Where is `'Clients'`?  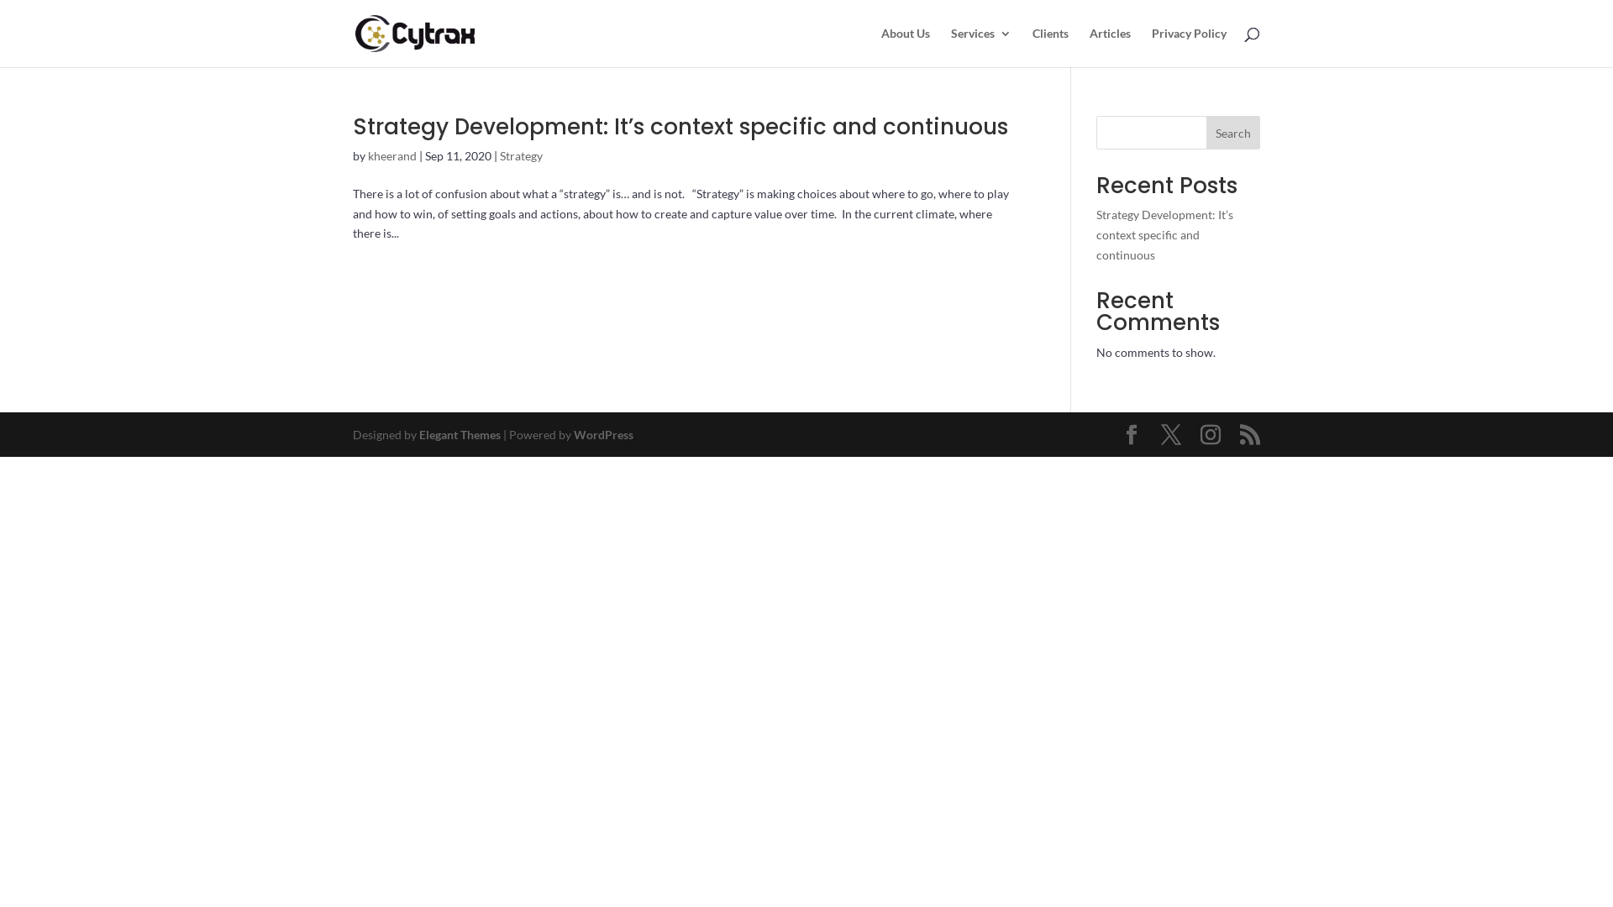
'Clients' is located at coordinates (1031, 46).